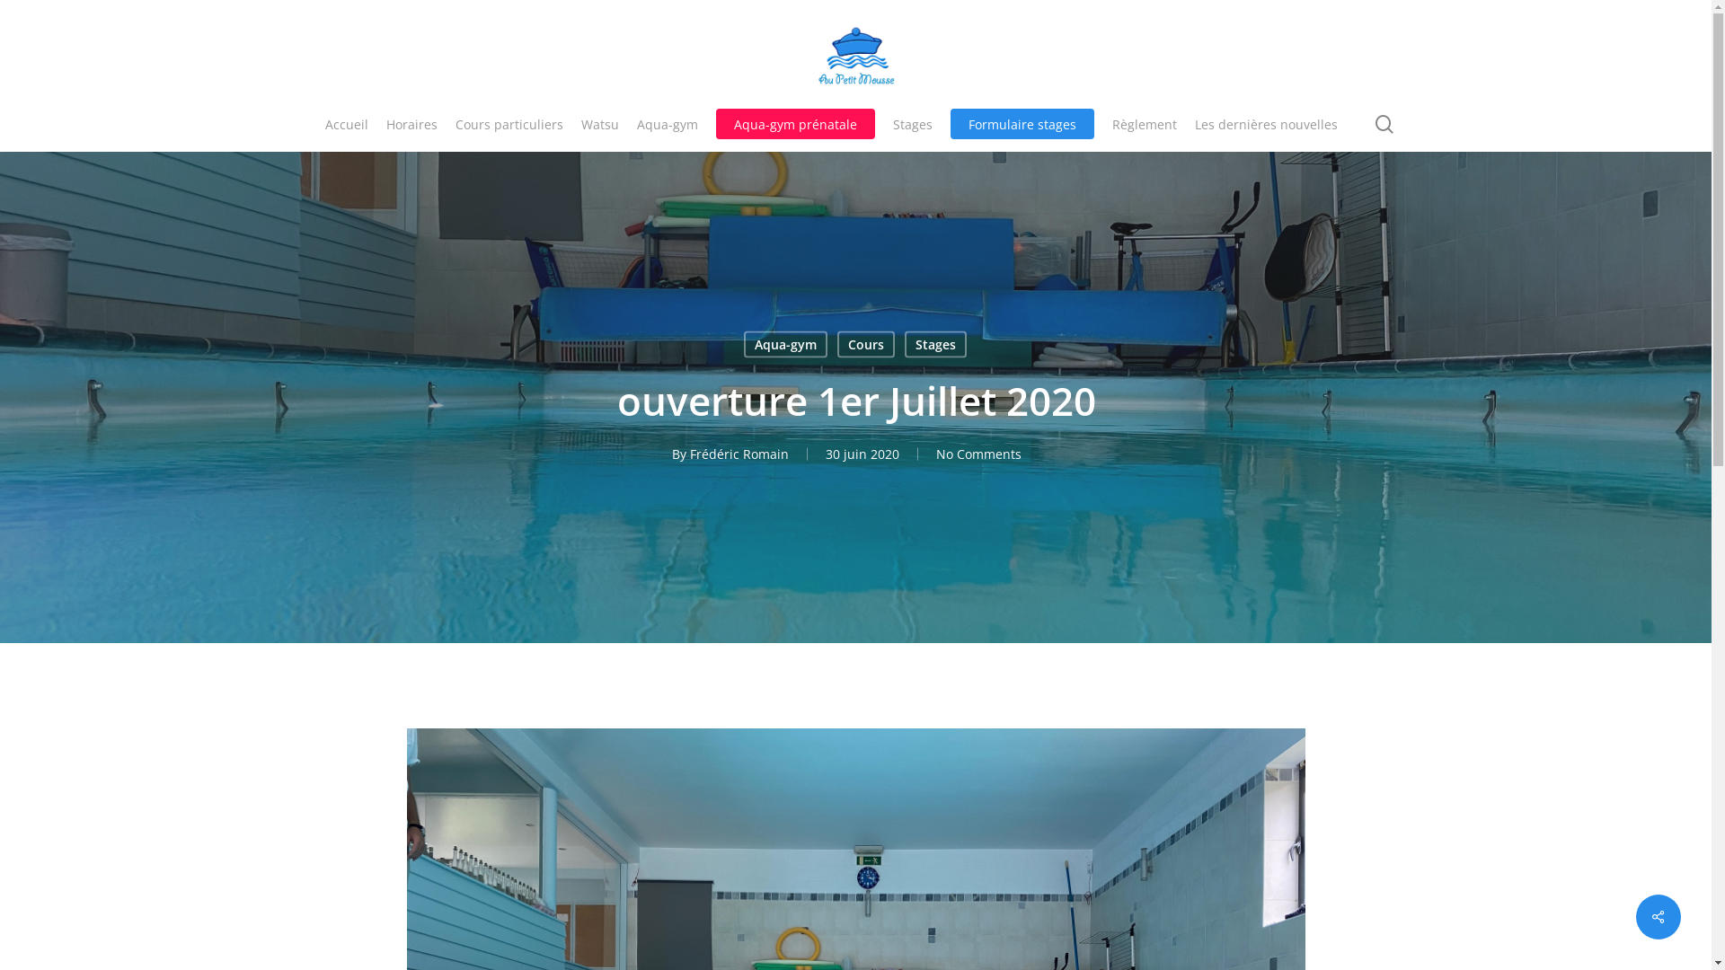 The width and height of the screenshot is (1725, 970). Describe the element at coordinates (411, 123) in the screenshot. I see `'Horaires'` at that location.